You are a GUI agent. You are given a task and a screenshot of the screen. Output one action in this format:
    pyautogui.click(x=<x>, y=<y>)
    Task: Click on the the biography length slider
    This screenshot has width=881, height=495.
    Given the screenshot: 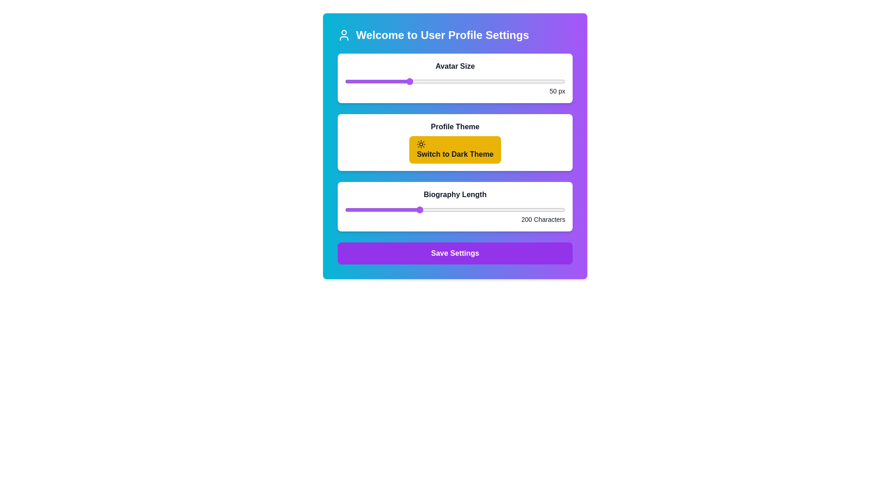 What is the action you would take?
    pyautogui.click(x=518, y=210)
    